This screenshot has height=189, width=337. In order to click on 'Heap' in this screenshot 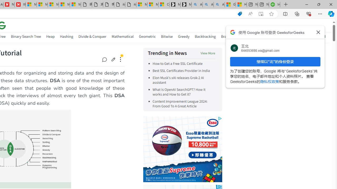, I will do `click(50, 36)`.